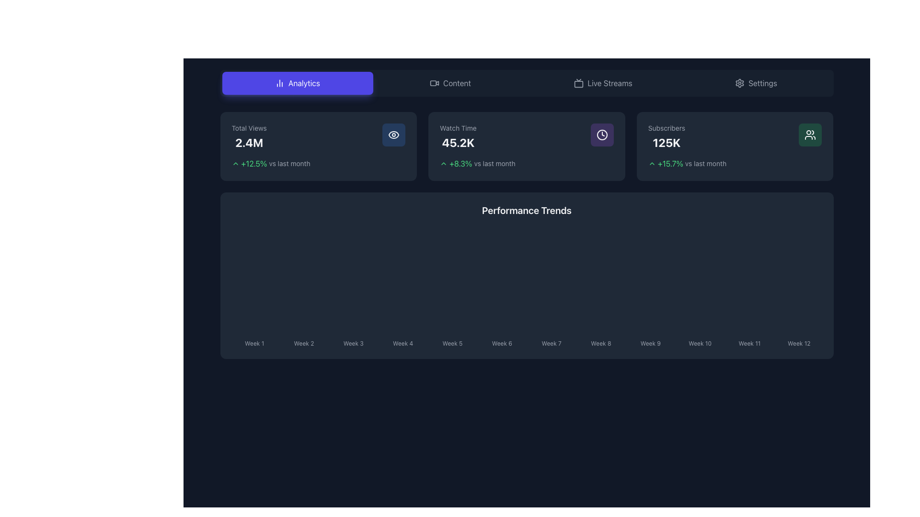 The image size is (920, 517). What do you see at coordinates (552, 341) in the screenshot?
I see `the text content of the label identified as 'Week 7', which is the seventh label in the horizontal sequence for the 'Performance Trends' section` at bounding box center [552, 341].